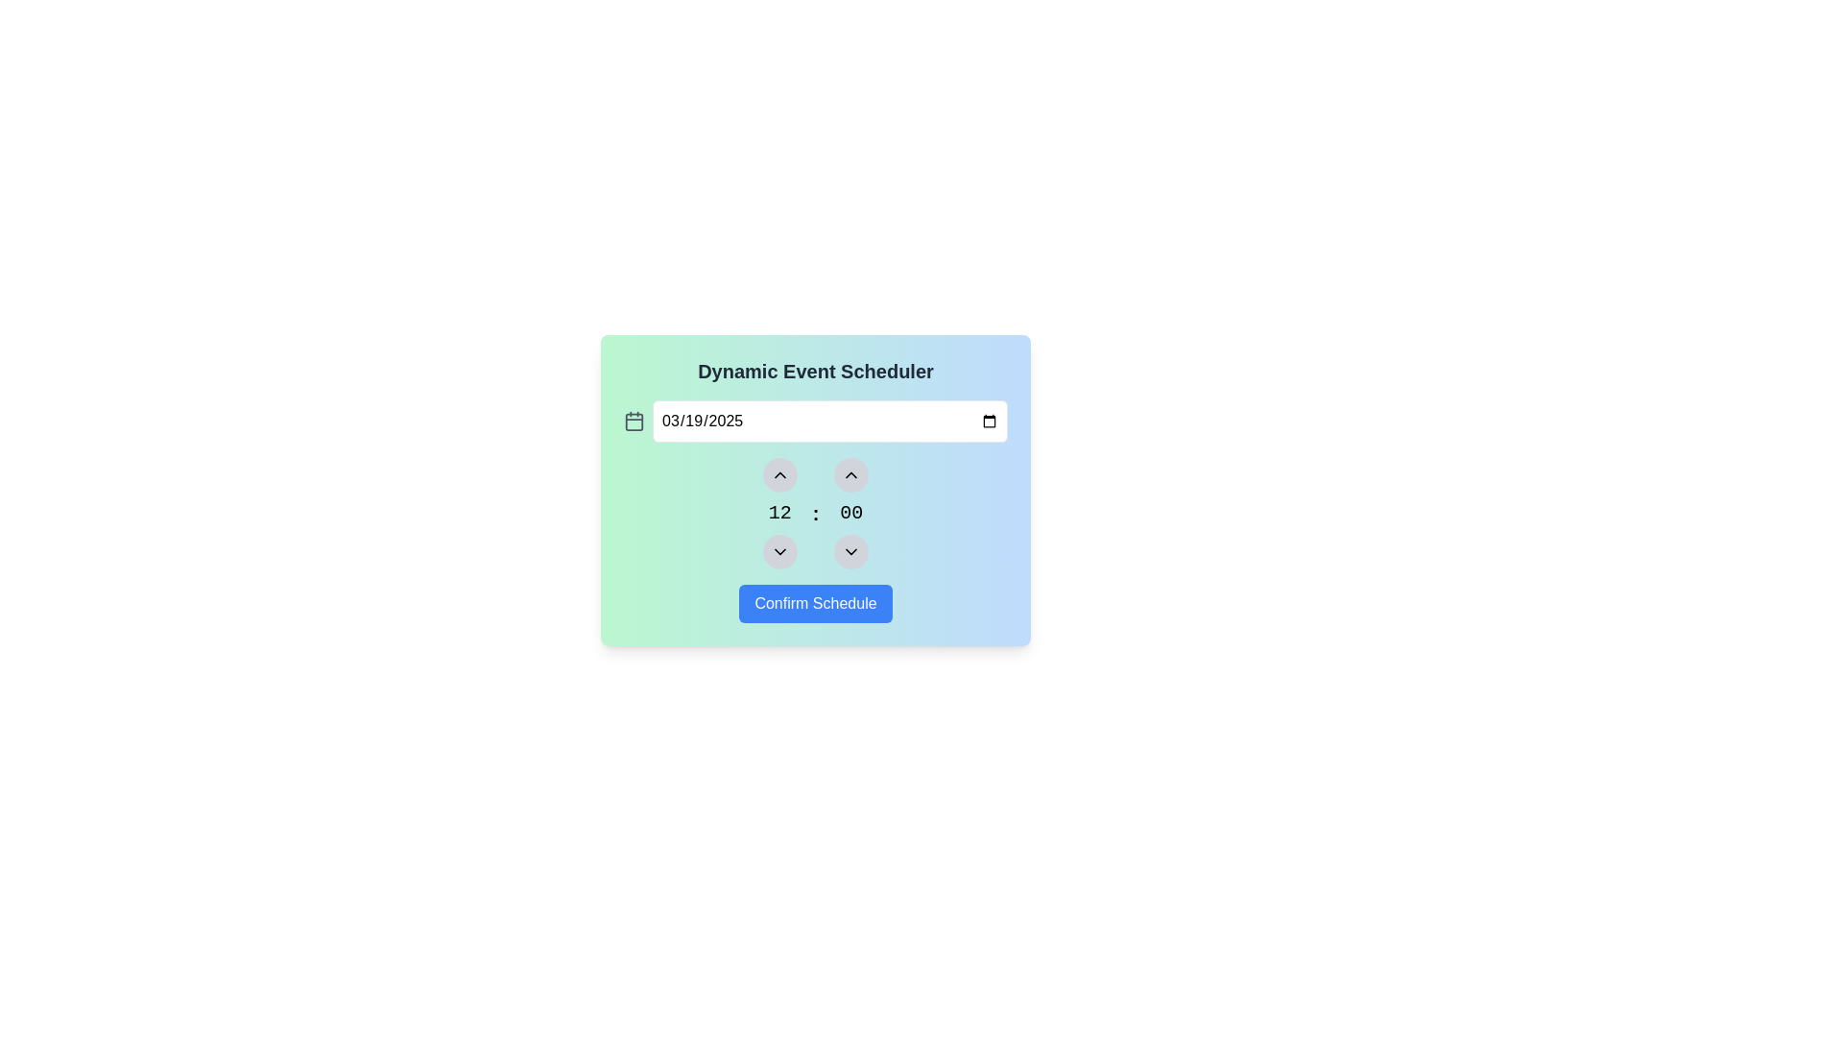  Describe the element at coordinates (850, 474) in the screenshot. I see `the circular button with a light gray background and a black upward-pointing chevron icon located in the second column of buttons below the date input field to trigger visual effects` at that location.